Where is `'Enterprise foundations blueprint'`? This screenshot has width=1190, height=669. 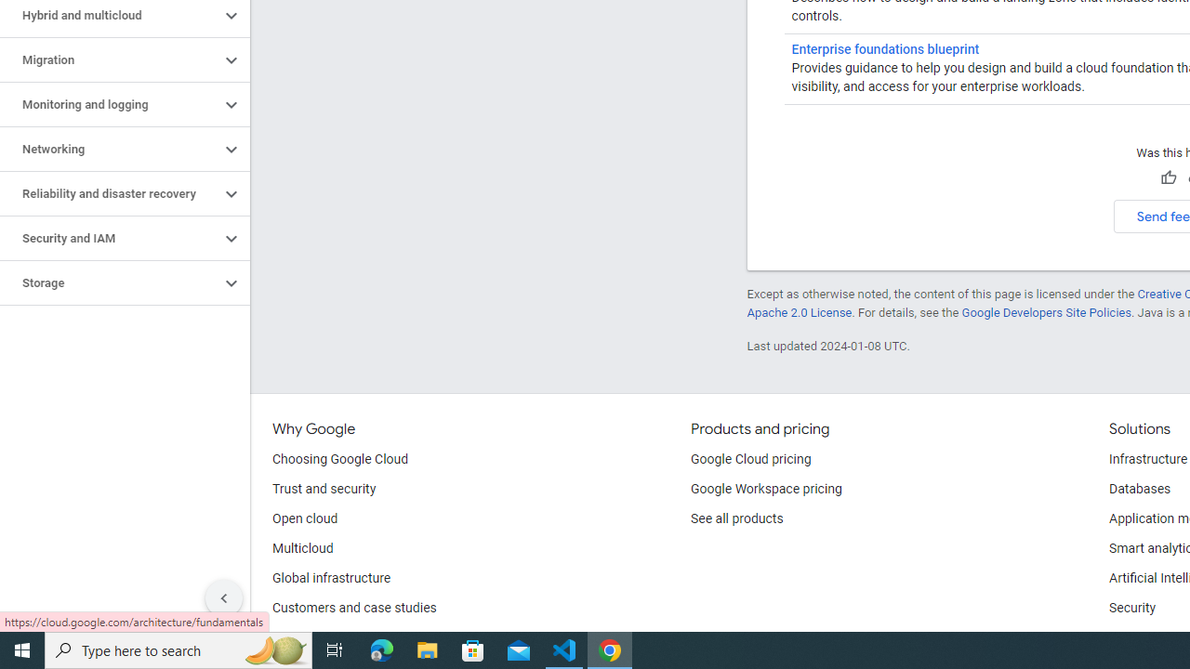 'Enterprise foundations blueprint' is located at coordinates (884, 48).